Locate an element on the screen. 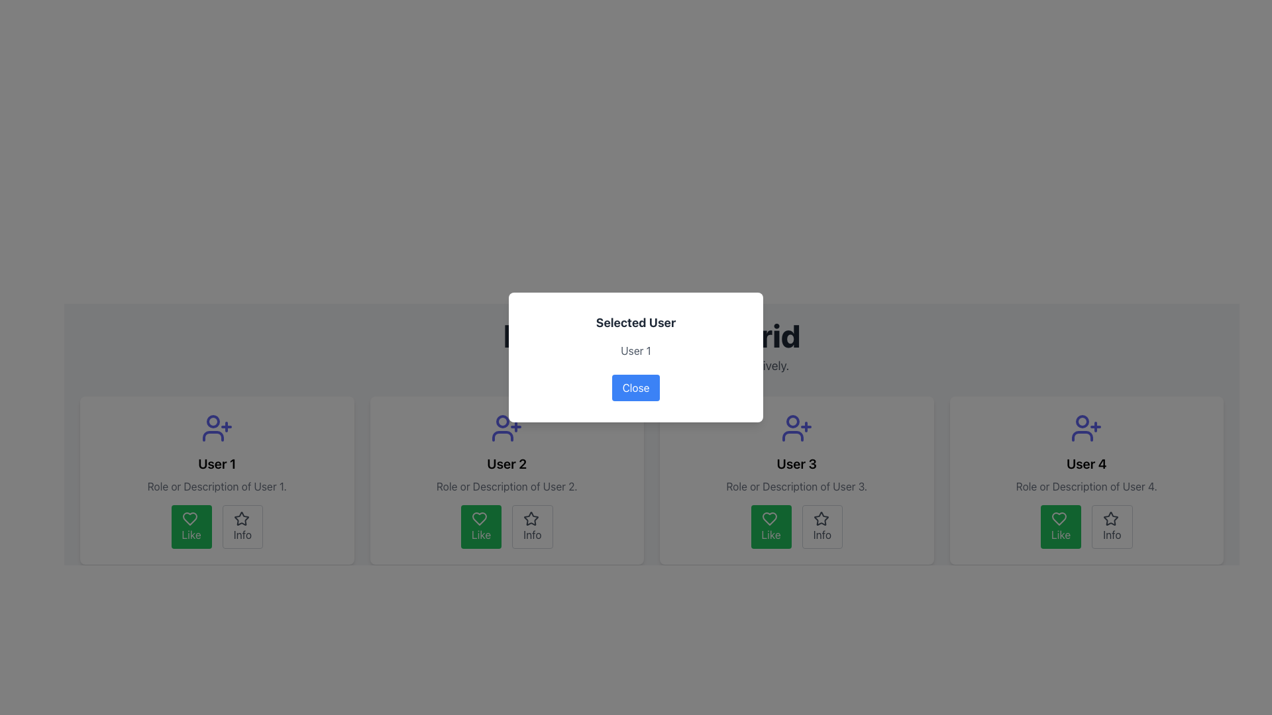  the heart-shaped 'like' icon that is centrally positioned within the green button labeled 'Like' for 'User 4' is located at coordinates (1058, 518).